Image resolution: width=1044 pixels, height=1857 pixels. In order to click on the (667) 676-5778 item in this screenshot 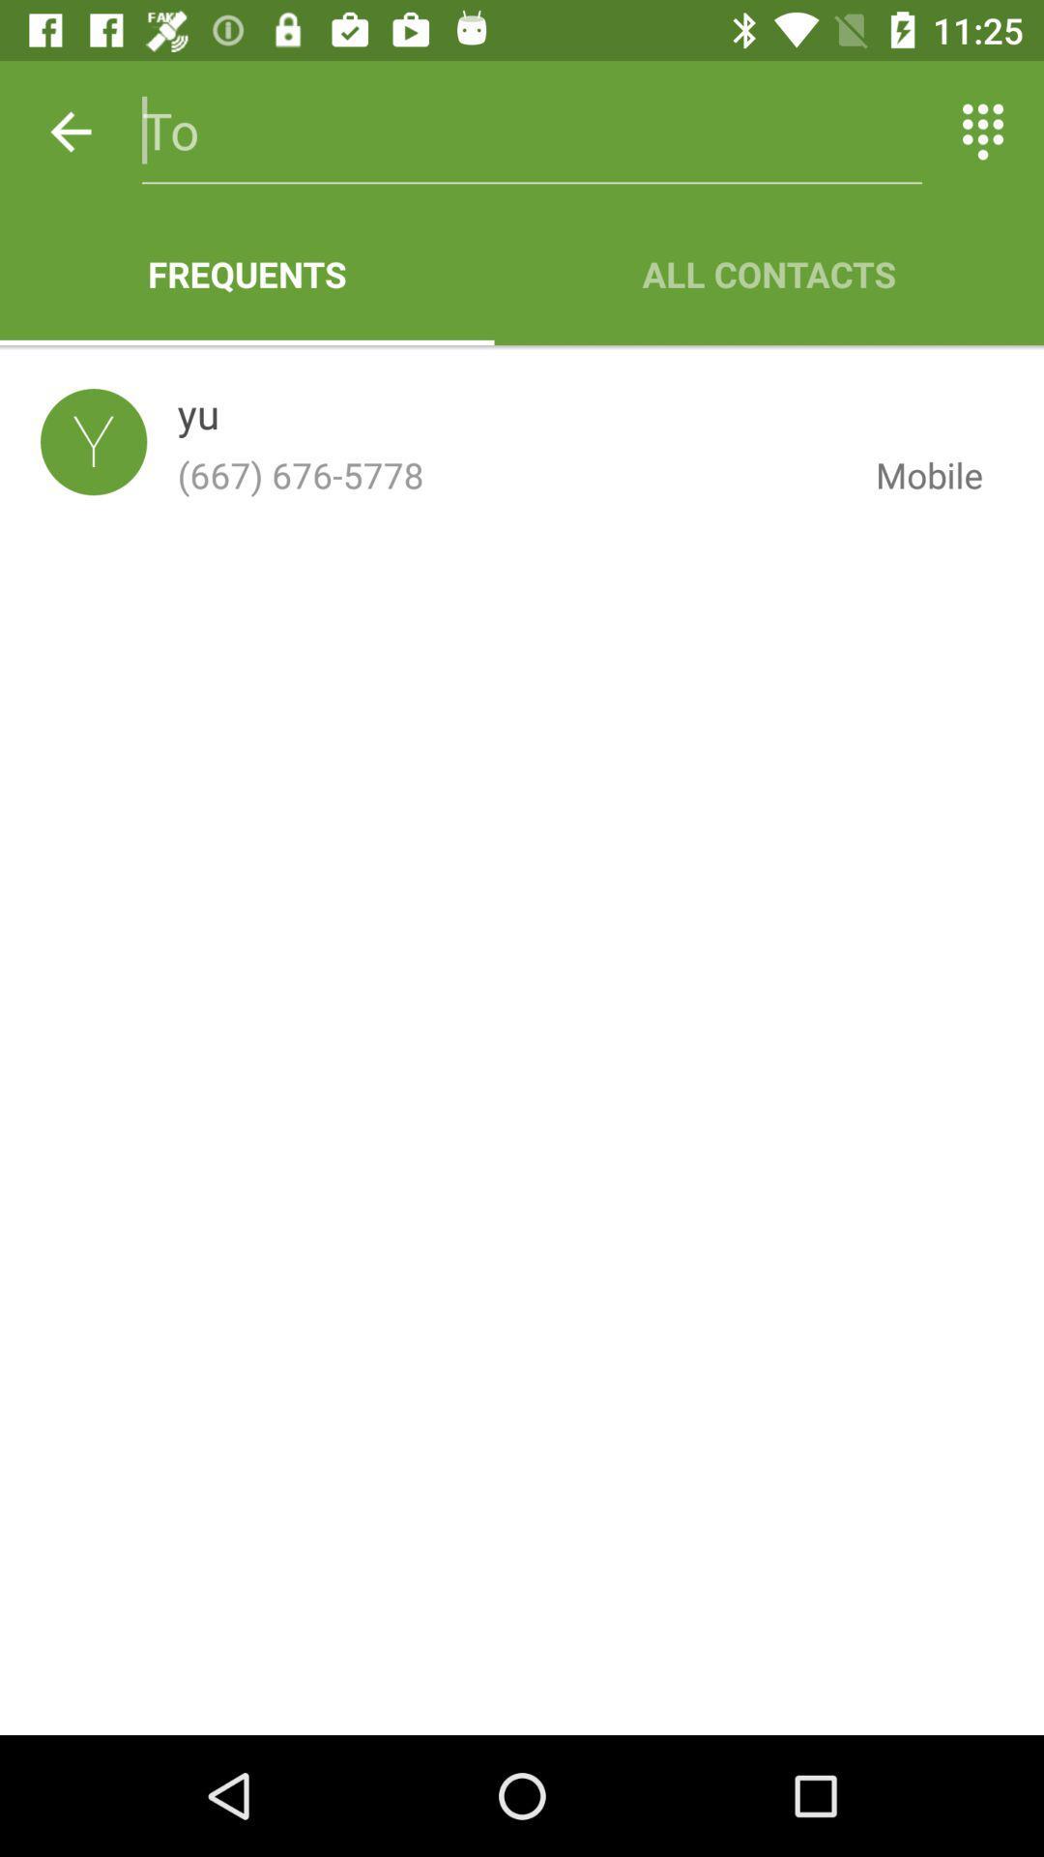, I will do `click(510, 475)`.